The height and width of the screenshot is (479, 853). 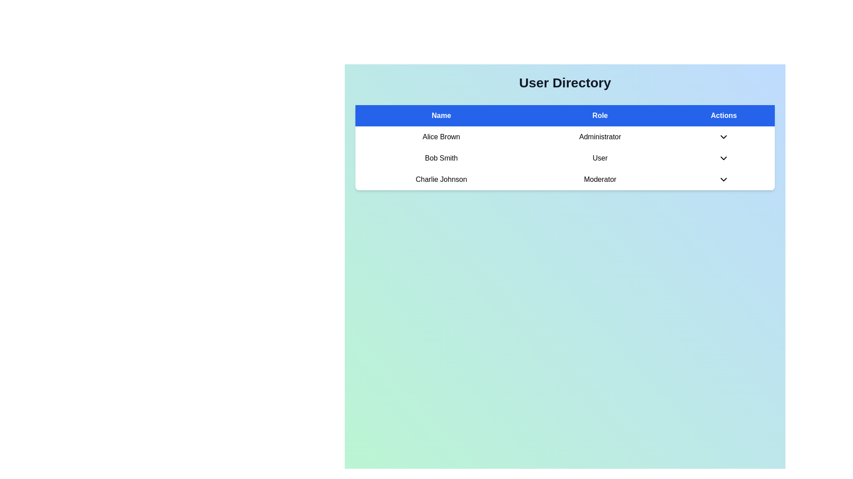 I want to click on user information displayed in the user information row for 'Bob Smith' and their role as 'User', located in the second row of the user information table, so click(x=565, y=158).